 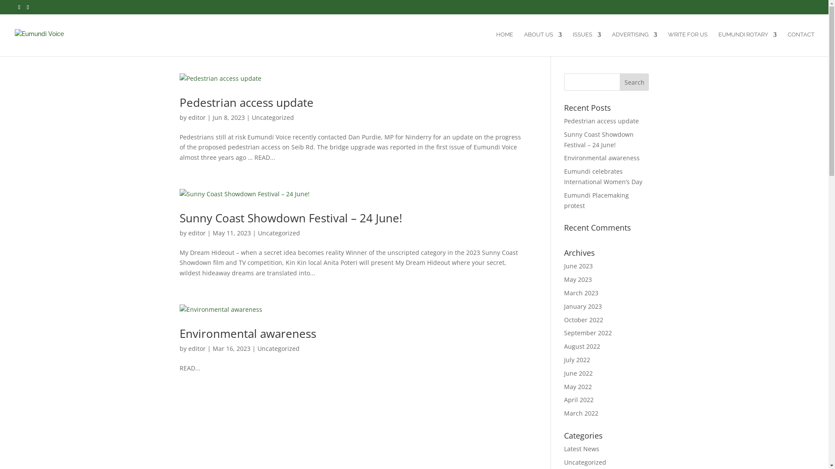 What do you see at coordinates (635, 44) in the screenshot?
I see `'ADVERTISING'` at bounding box center [635, 44].